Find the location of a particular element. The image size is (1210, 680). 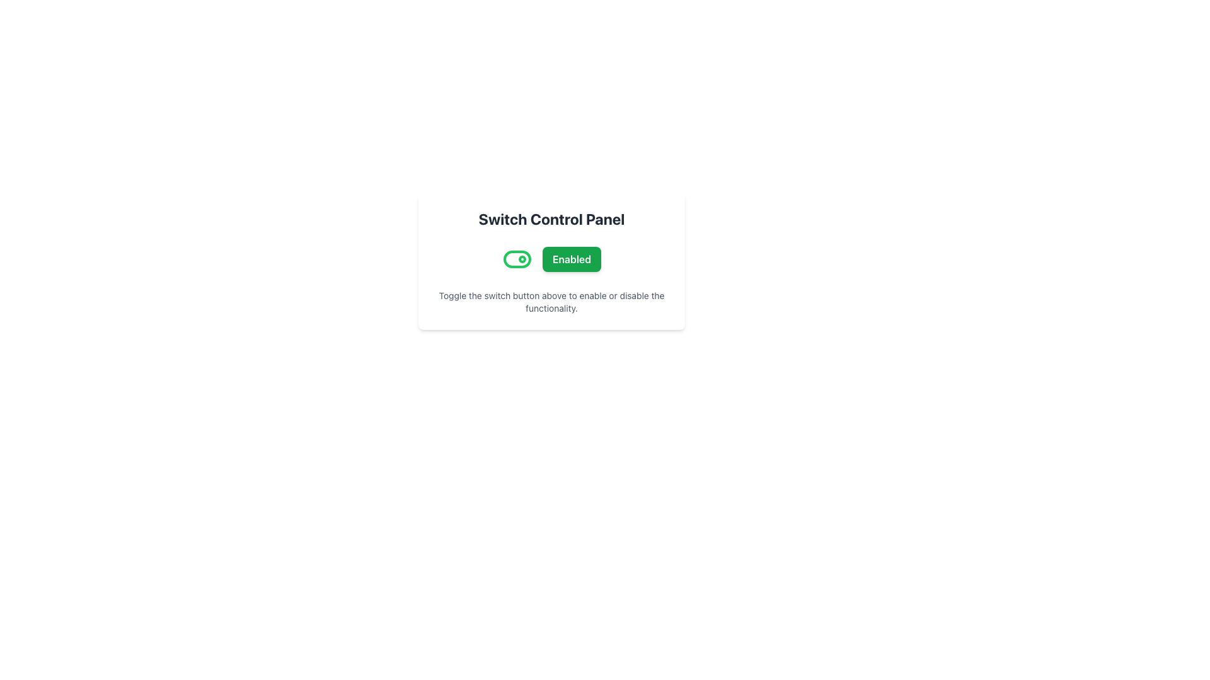

the green rectangular button labeled 'Enabled' that is positioned below the title 'Switch Control Panel' and next to a toggle icon is located at coordinates (551, 259).